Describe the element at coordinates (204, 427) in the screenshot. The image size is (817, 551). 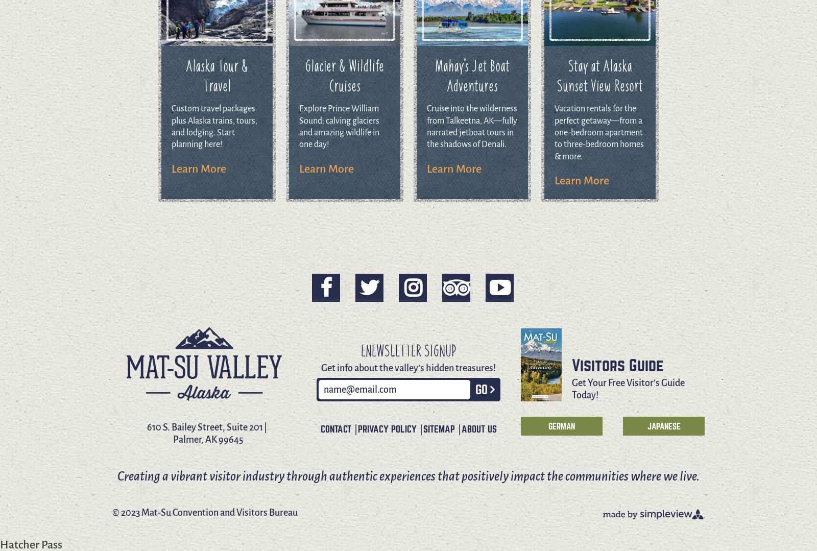
I see `'610 S. Bailey Street, Suite 201'` at that location.